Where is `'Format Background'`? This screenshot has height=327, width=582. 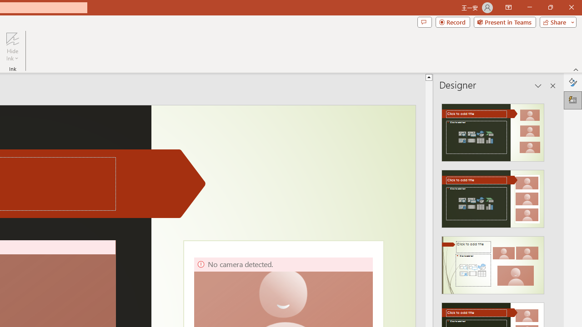
'Format Background' is located at coordinates (572, 82).